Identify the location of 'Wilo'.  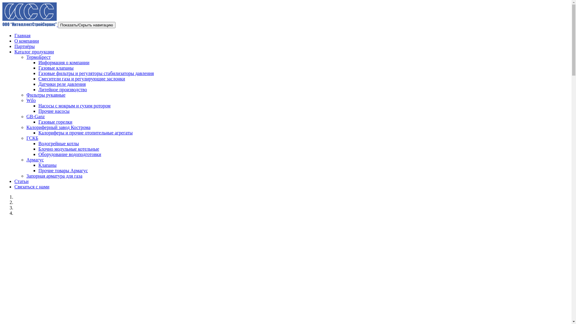
(26, 100).